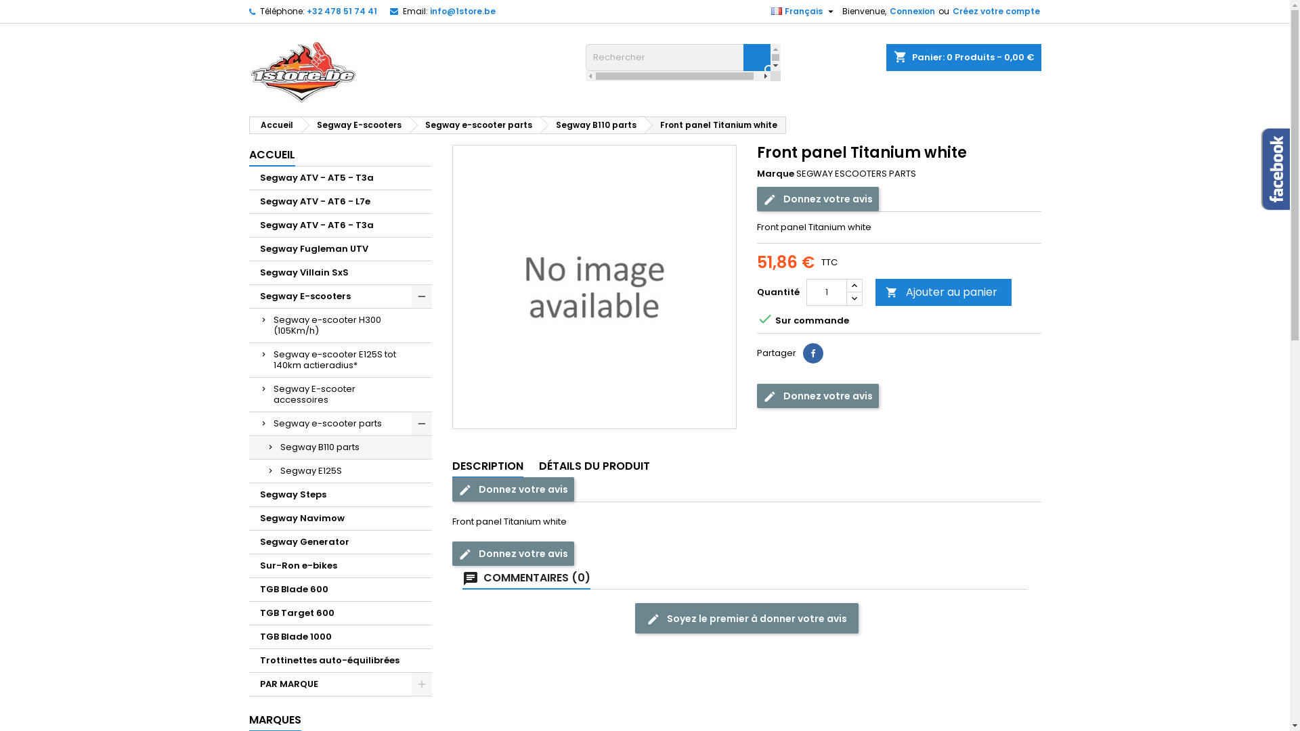  What do you see at coordinates (855, 173) in the screenshot?
I see `'SEGWAY ESCOOTERS PARTS'` at bounding box center [855, 173].